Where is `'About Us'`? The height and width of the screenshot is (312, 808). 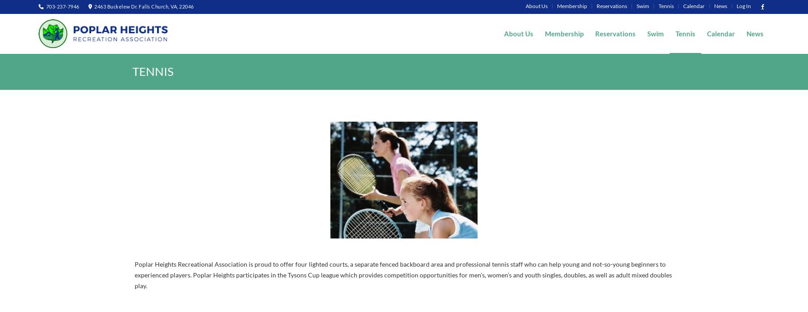
'About Us' is located at coordinates (536, 6).